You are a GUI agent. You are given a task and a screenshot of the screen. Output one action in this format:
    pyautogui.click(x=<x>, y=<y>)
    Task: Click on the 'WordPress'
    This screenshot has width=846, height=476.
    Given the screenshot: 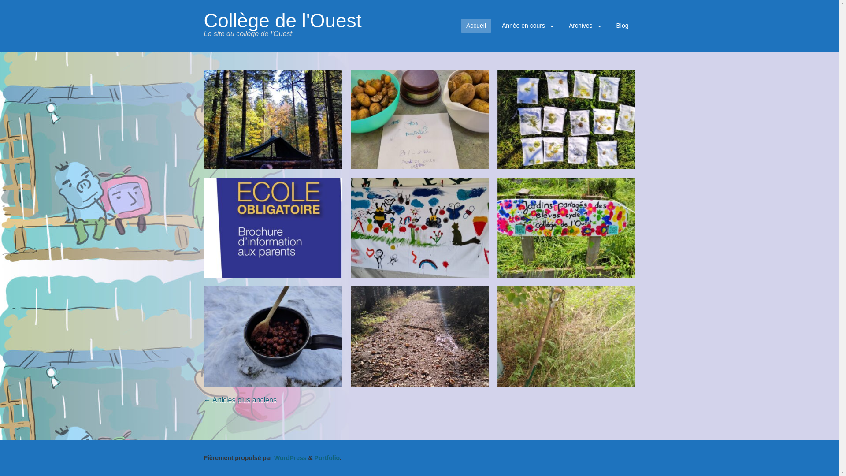 What is the action you would take?
    pyautogui.click(x=290, y=457)
    